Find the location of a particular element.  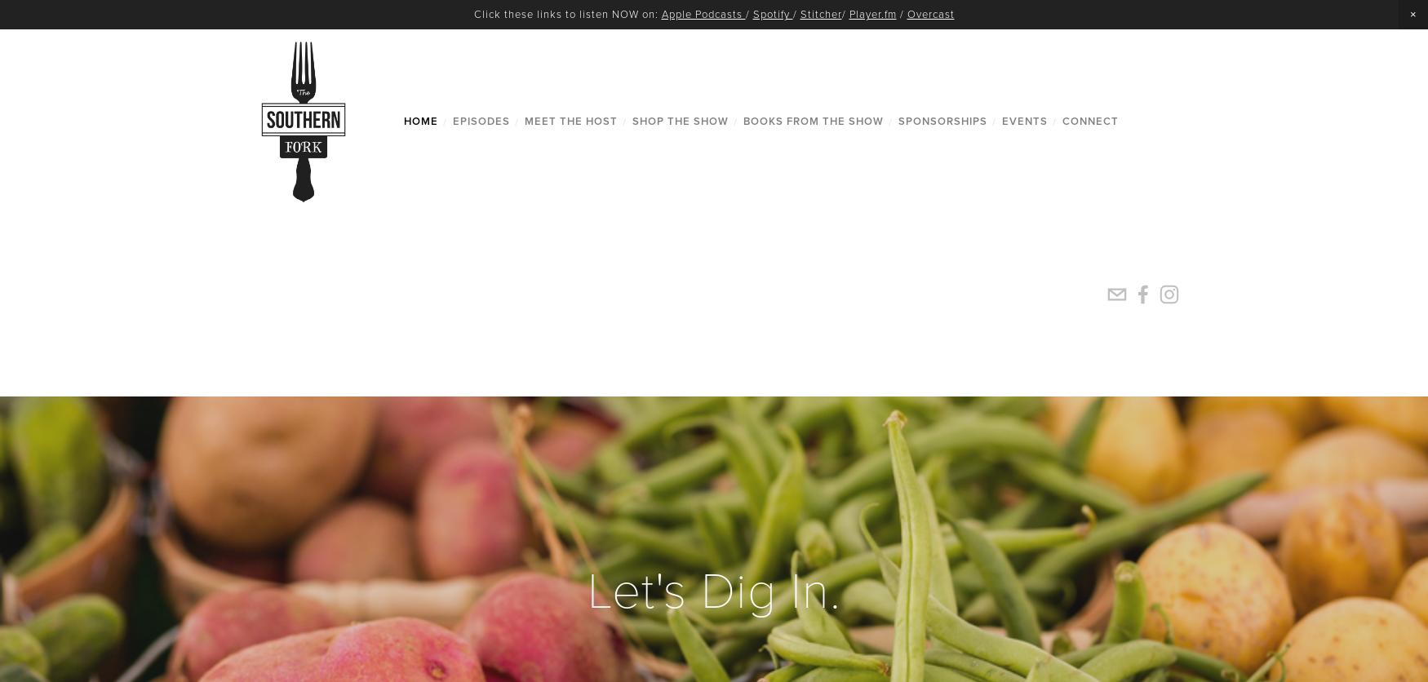

'Books from the Show' is located at coordinates (812, 120).